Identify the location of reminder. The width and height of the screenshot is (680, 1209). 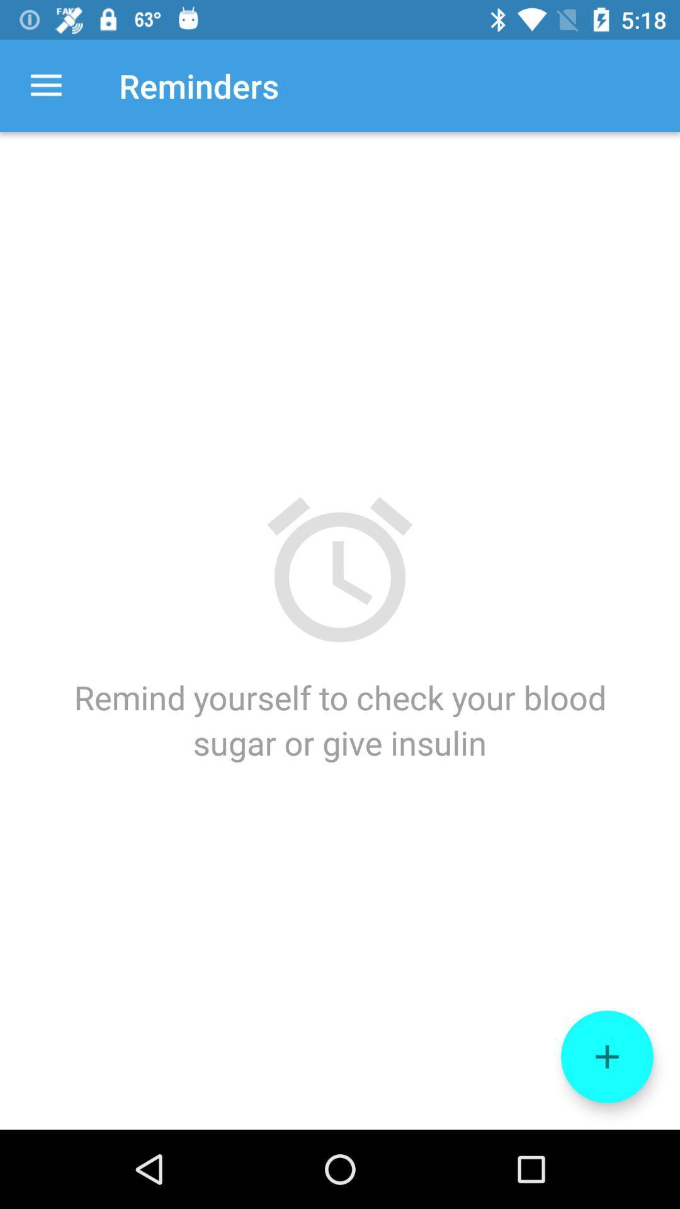
(606, 1057).